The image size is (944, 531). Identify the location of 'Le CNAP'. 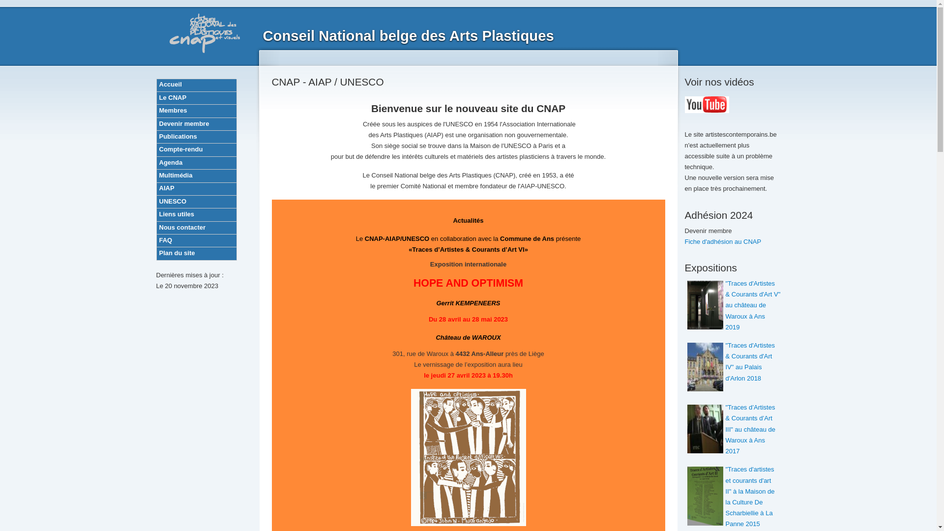
(196, 97).